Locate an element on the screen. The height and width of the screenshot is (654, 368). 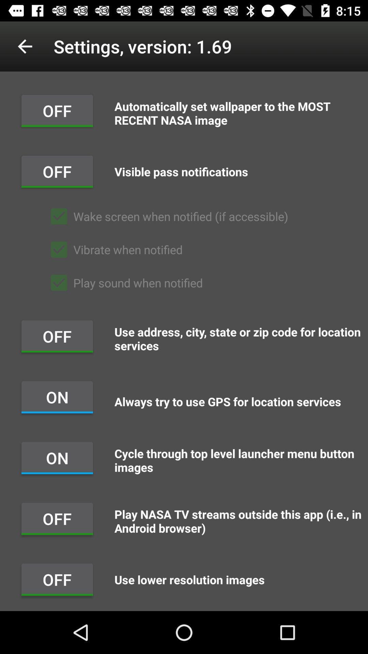
item above vibrate when notified is located at coordinates (166, 216).